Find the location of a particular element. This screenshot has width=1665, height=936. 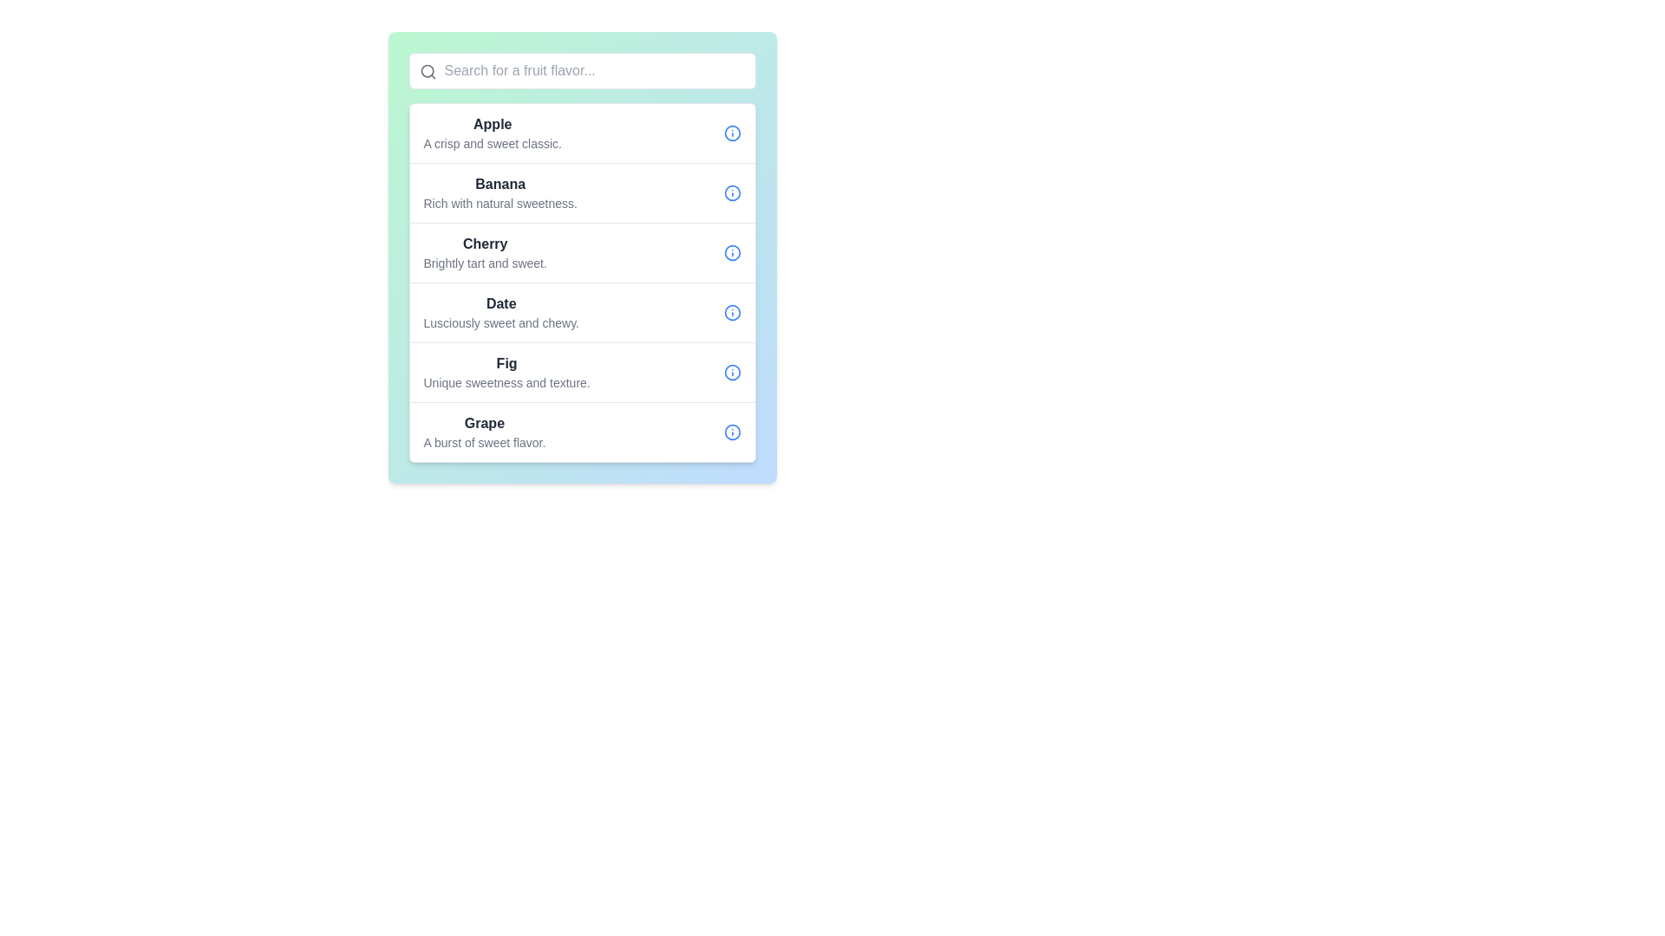

the icon embedded in the button adjacent to the text 'Cherry' in the third item of a vertical list is located at coordinates (732, 253).